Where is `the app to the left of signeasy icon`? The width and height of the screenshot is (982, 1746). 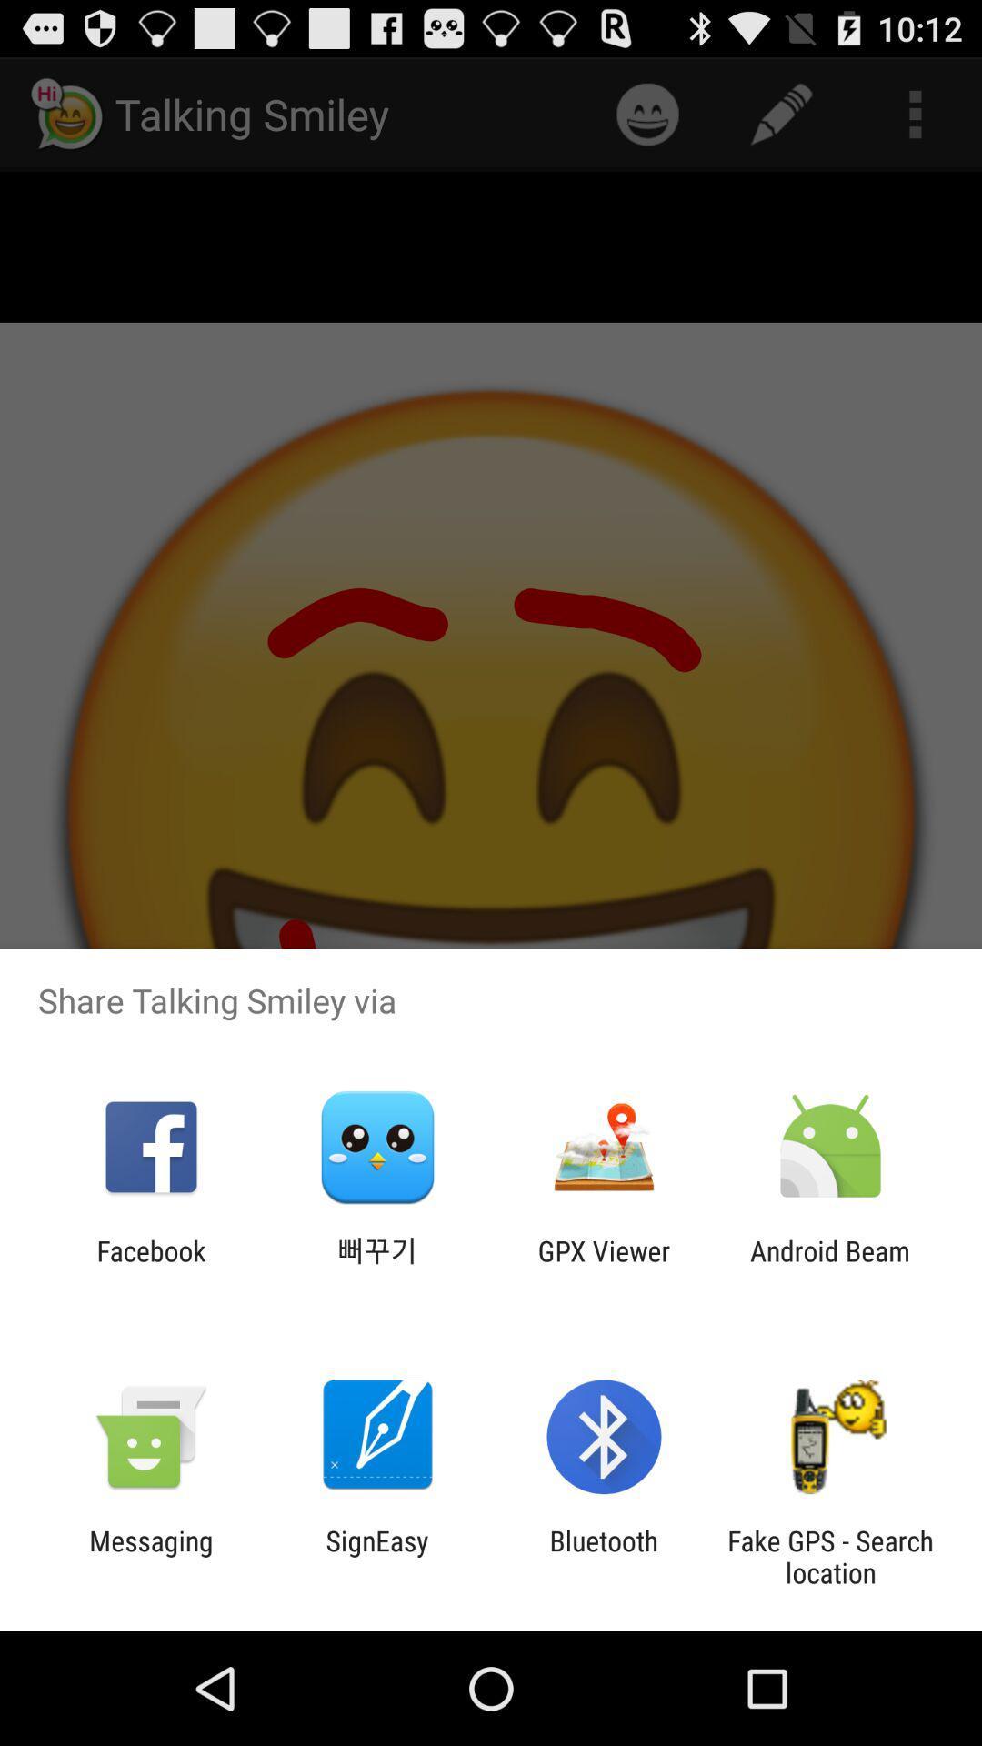
the app to the left of signeasy icon is located at coordinates (150, 1556).